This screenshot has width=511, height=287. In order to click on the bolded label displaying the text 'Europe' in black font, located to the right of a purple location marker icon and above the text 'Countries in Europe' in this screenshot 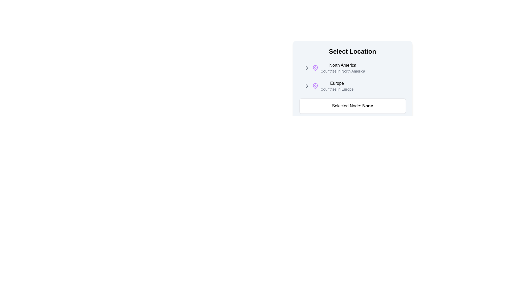, I will do `click(337, 83)`.